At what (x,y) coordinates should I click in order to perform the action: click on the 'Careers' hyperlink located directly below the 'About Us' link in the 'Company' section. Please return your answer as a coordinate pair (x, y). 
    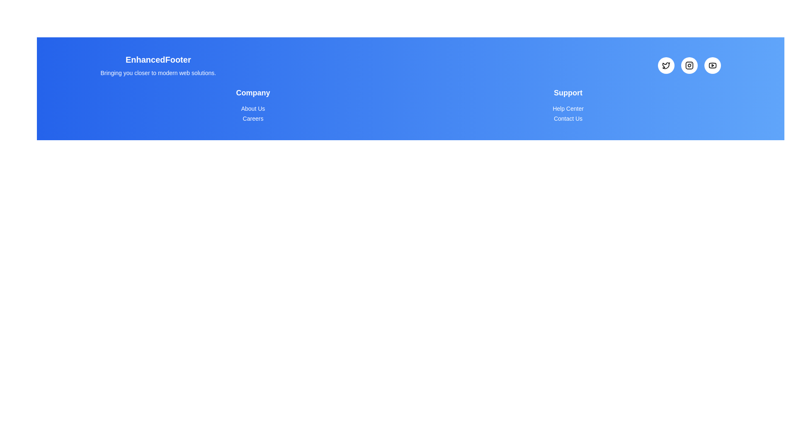
    Looking at the image, I should click on (252, 118).